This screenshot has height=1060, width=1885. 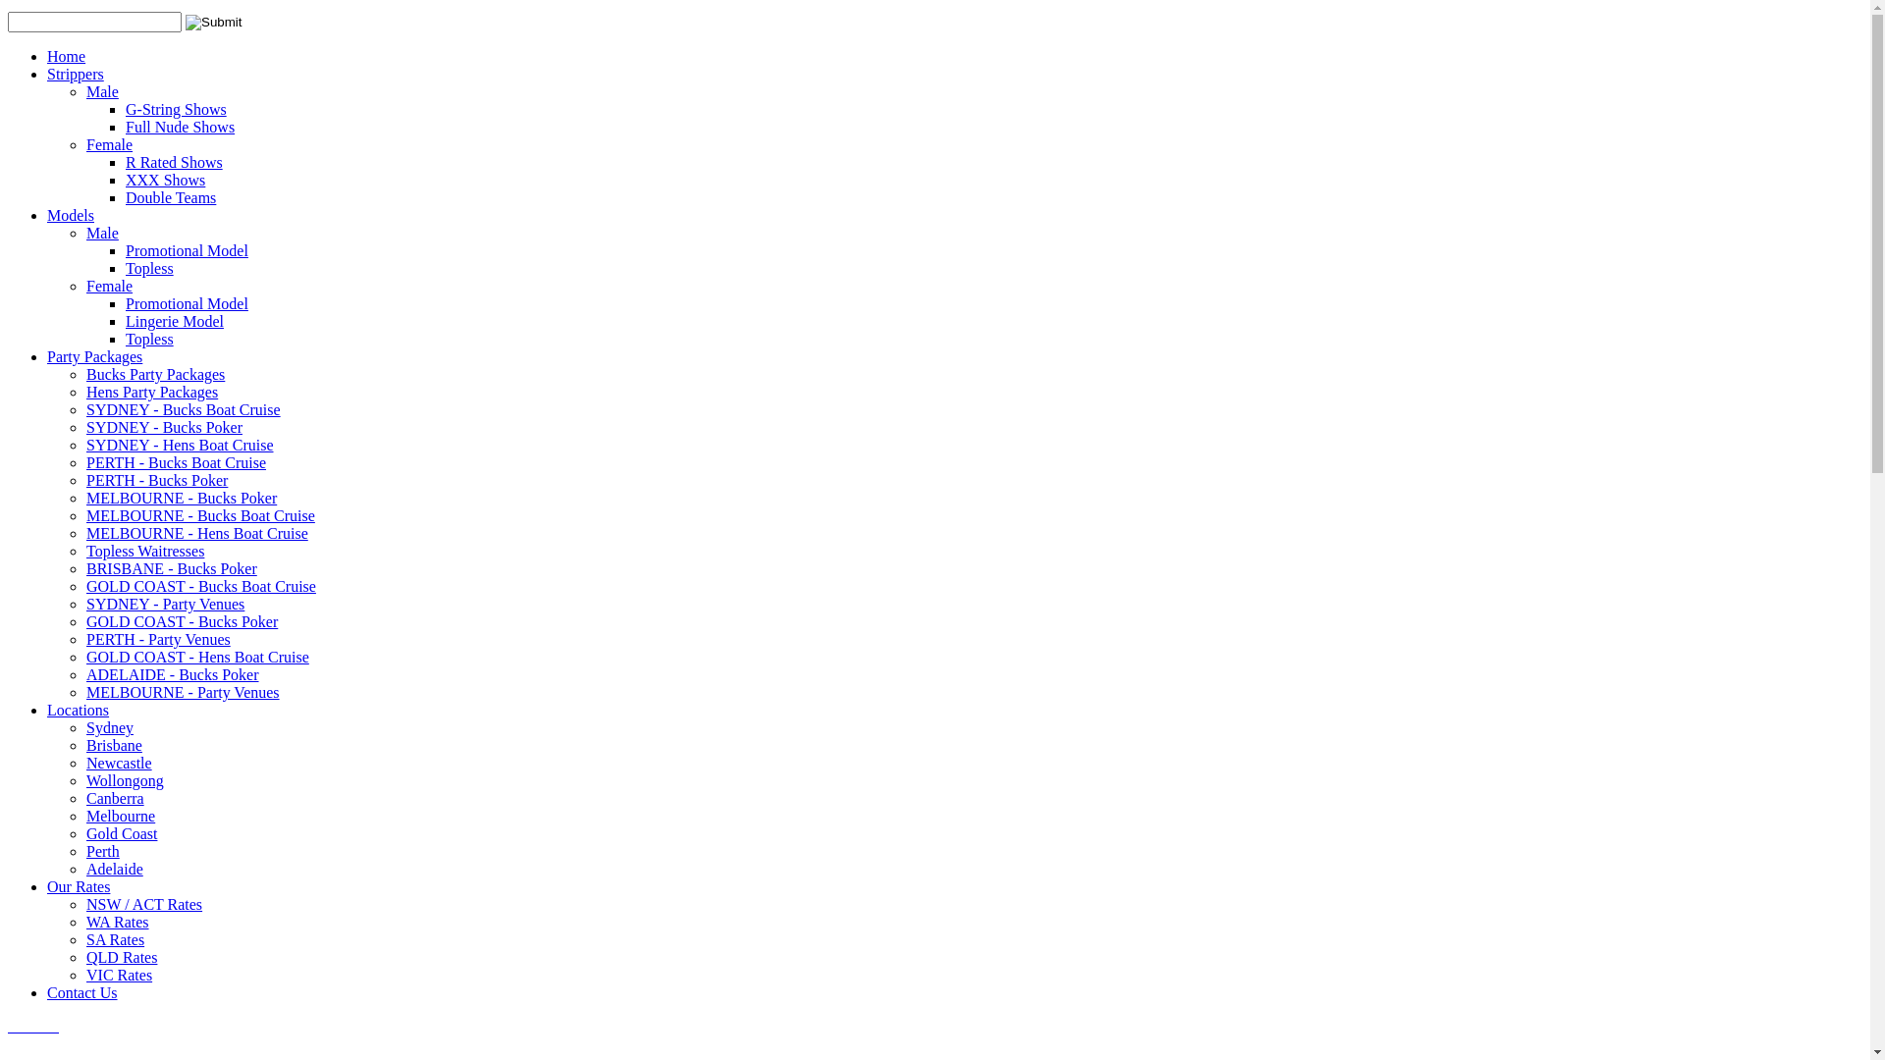 What do you see at coordinates (101, 232) in the screenshot?
I see `'Male'` at bounding box center [101, 232].